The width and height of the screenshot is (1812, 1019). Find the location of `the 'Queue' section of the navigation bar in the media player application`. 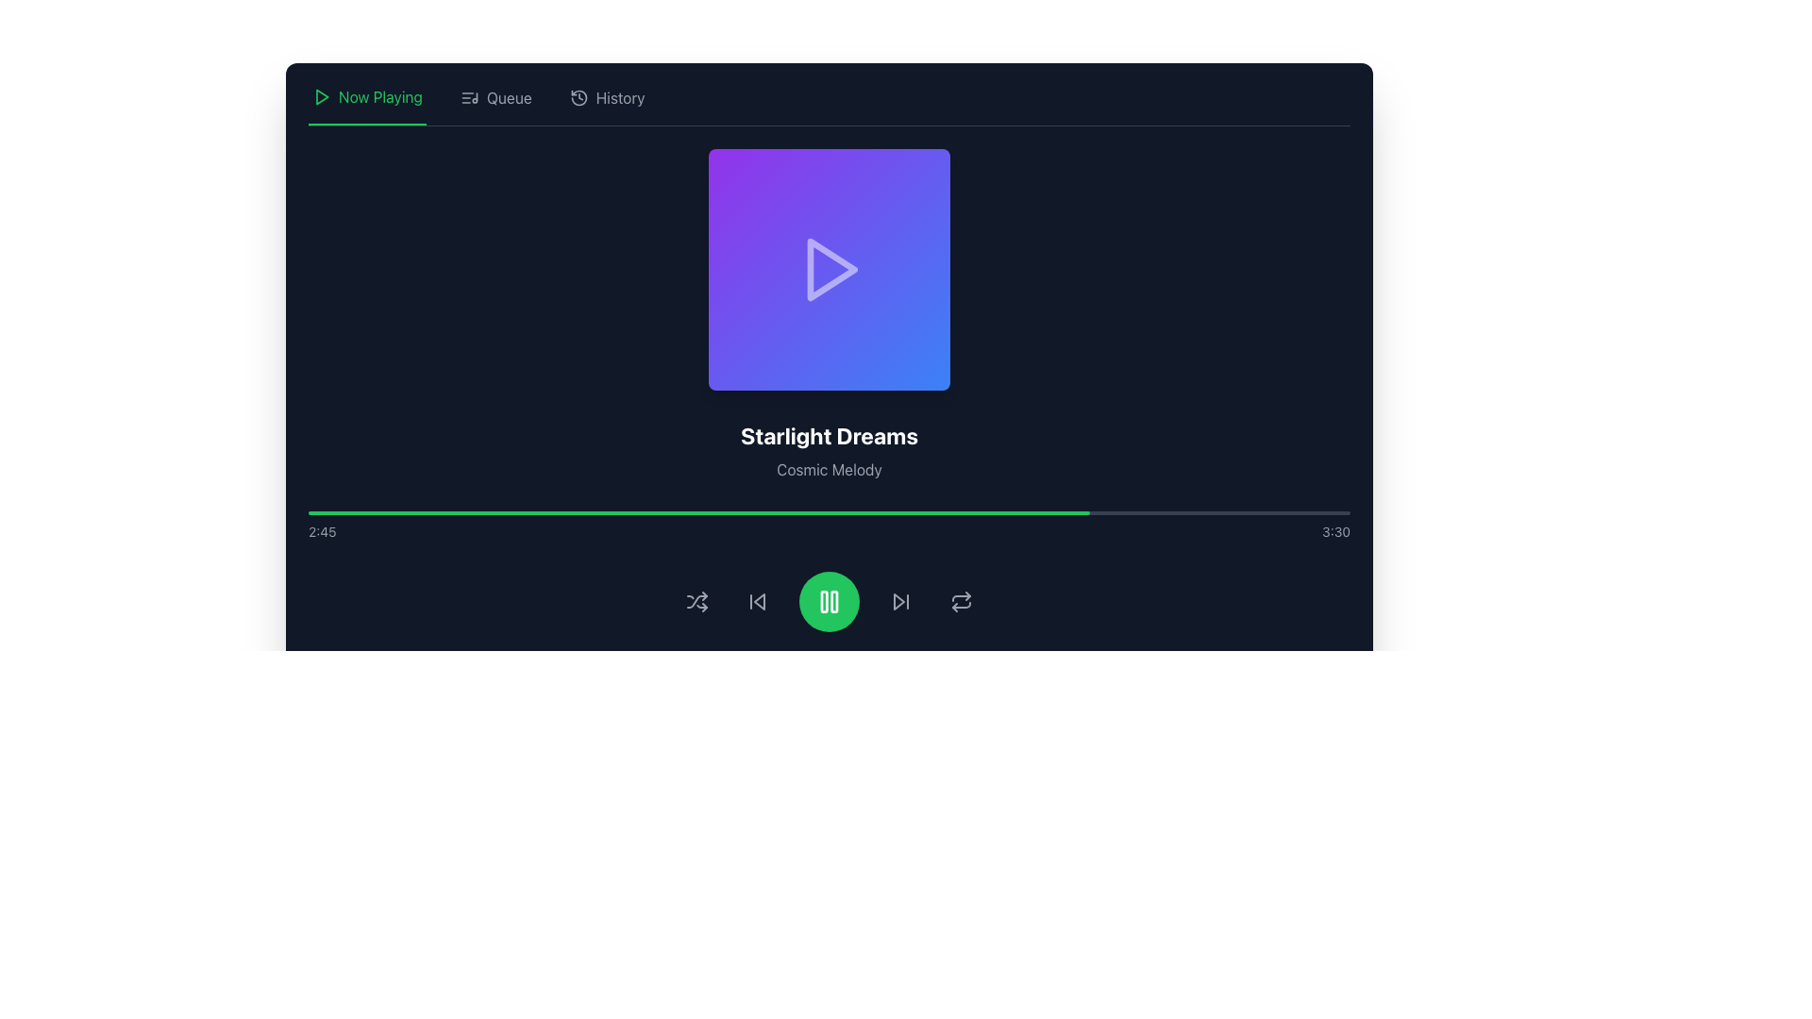

the 'Queue' section of the navigation bar in the media player application is located at coordinates (829, 106).